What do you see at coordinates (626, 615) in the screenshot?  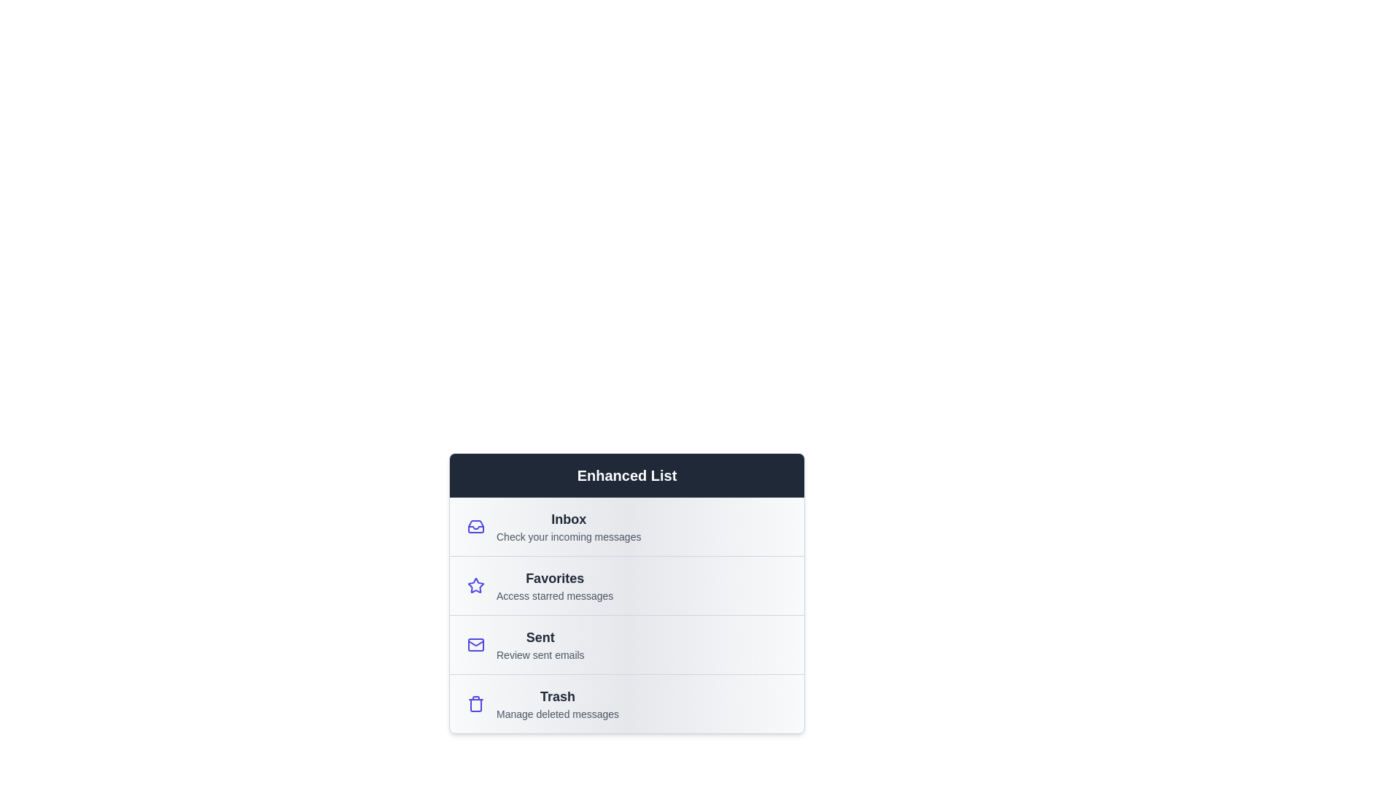 I see `the 'Favorites' item in the Enhanced List` at bounding box center [626, 615].